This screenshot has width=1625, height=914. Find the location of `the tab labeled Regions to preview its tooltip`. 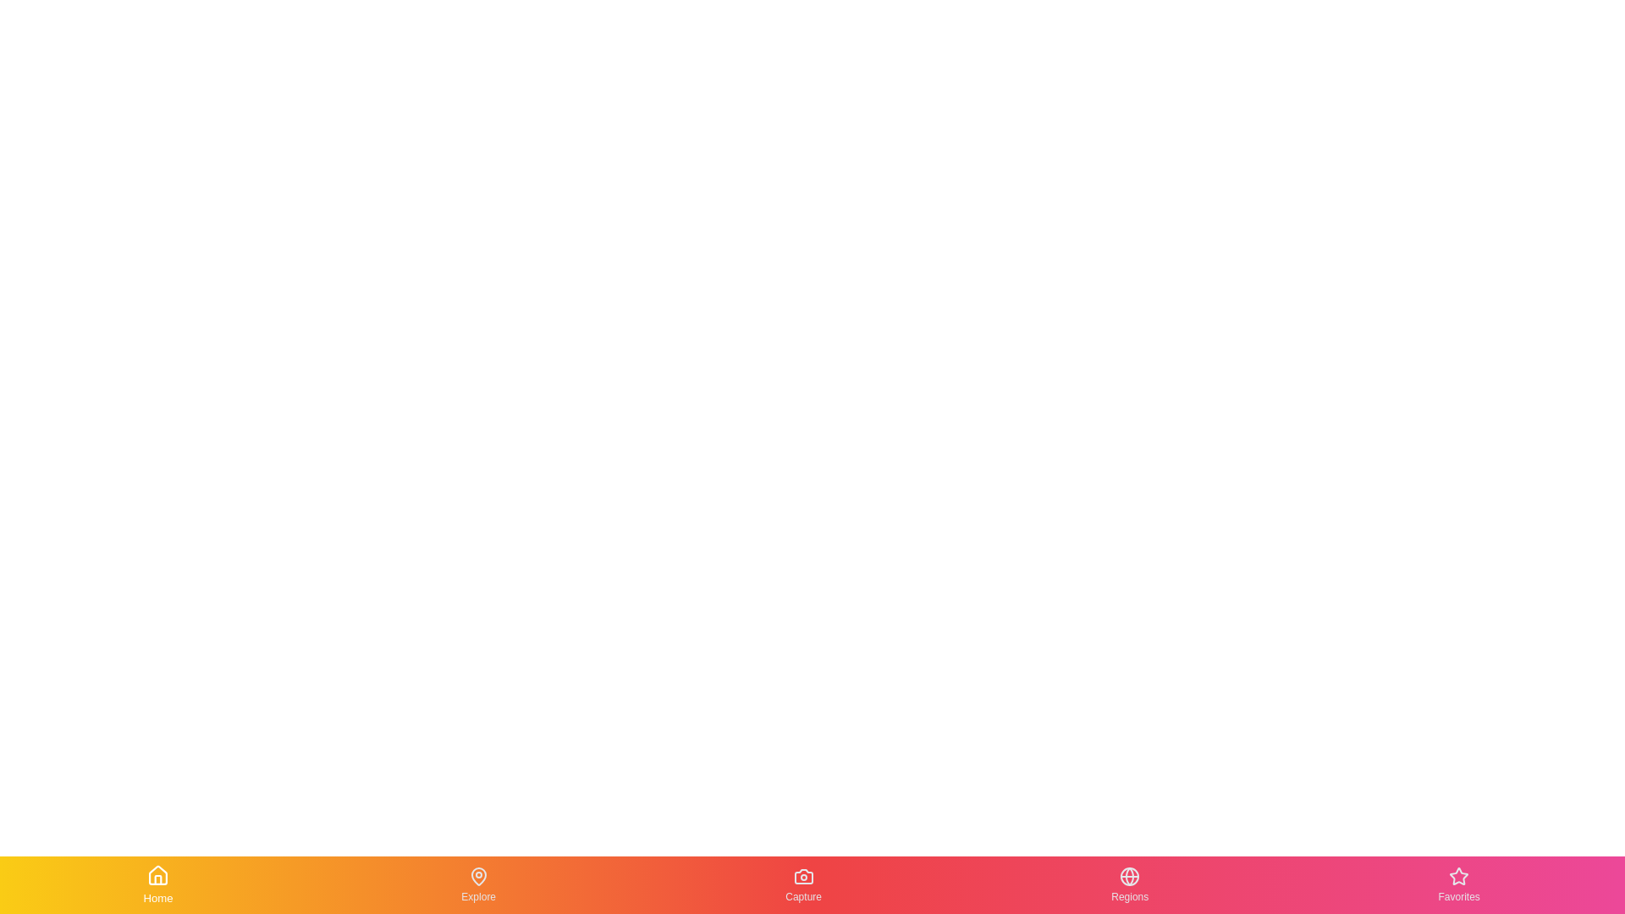

the tab labeled Regions to preview its tooltip is located at coordinates (1129, 884).